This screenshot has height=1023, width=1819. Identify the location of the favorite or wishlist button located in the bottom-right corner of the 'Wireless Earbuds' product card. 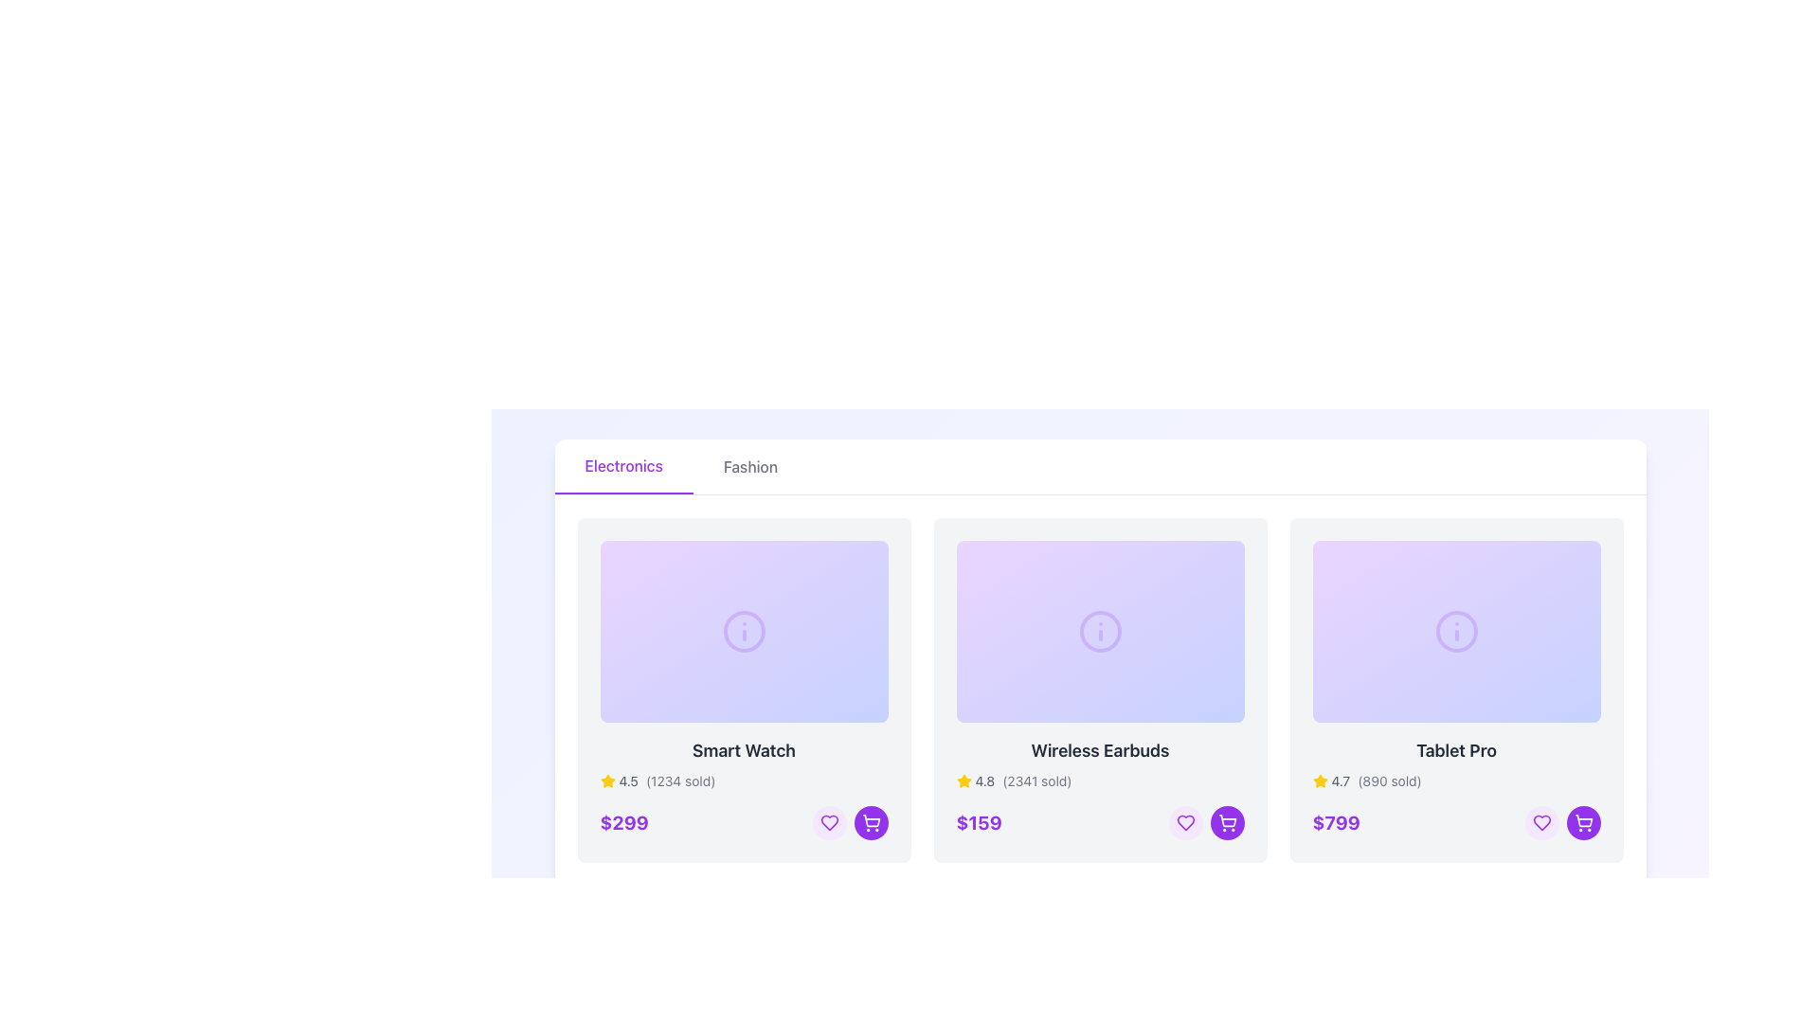
(1184, 821).